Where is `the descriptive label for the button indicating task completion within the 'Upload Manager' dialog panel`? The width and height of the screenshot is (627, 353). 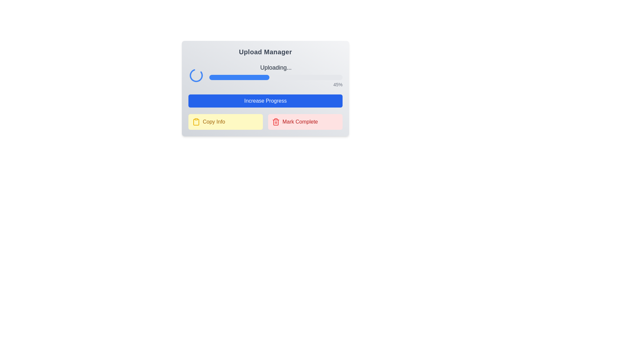
the descriptive label for the button indicating task completion within the 'Upload Manager' dialog panel is located at coordinates (300, 122).